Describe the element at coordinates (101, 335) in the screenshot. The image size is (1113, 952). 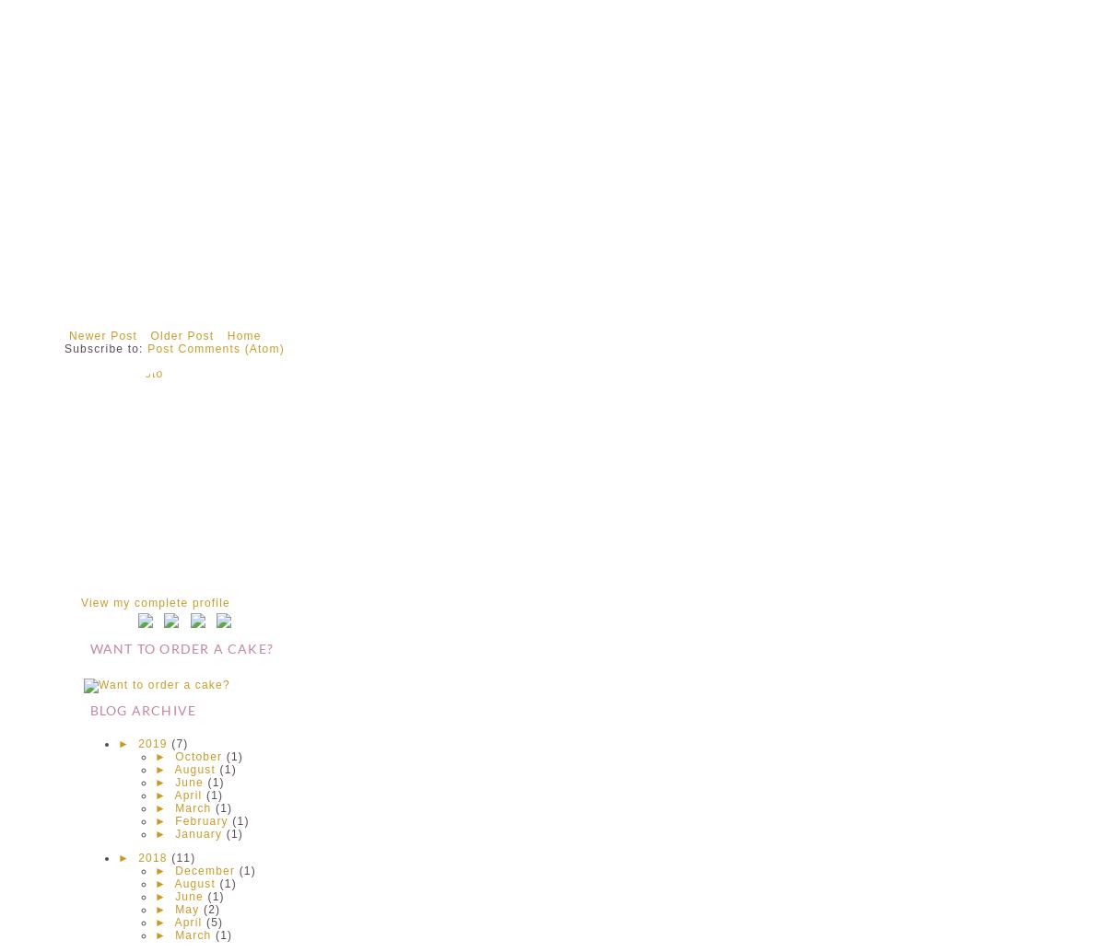
I see `'Newer Post'` at that location.